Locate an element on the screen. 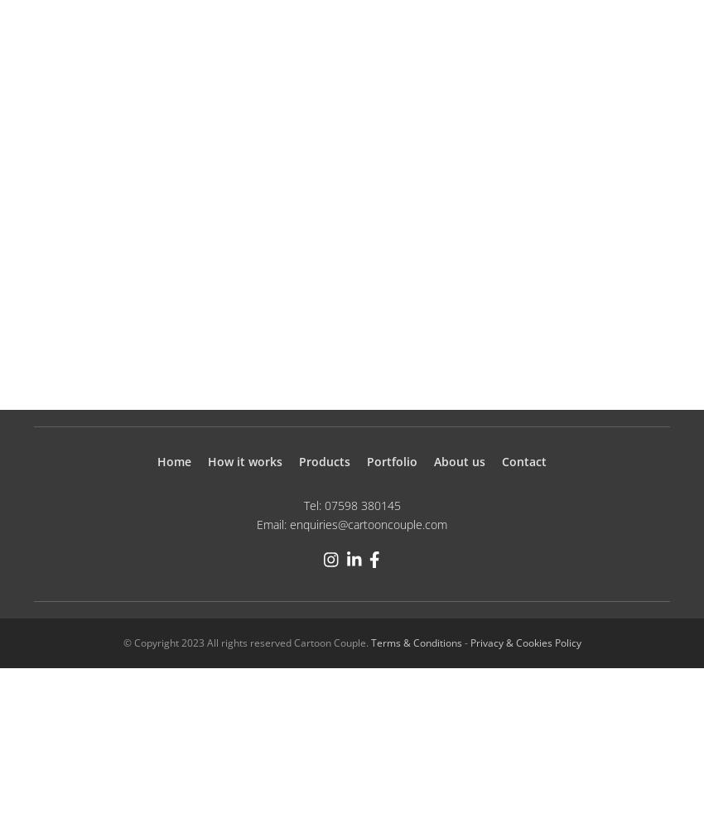 This screenshot has width=704, height=828. 'Products' is located at coordinates (325, 461).